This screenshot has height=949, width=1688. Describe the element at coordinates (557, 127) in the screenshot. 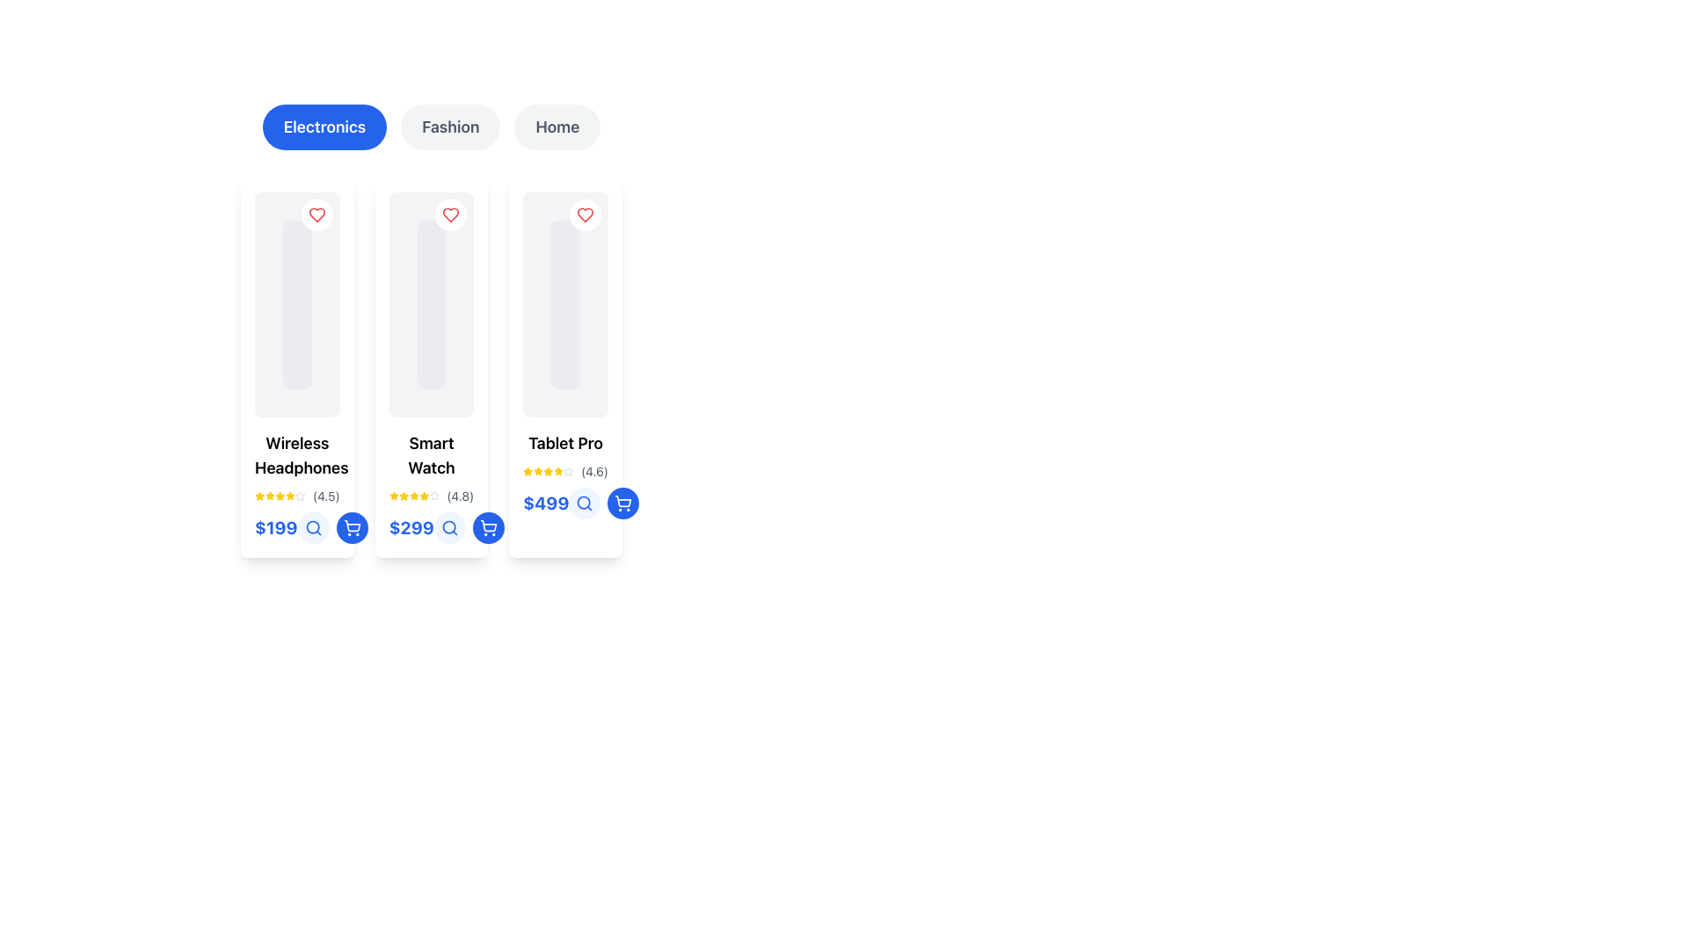

I see `the 'Home' navigation button, which is the third button from the left in a group of three buttons at the top of the interface` at that location.